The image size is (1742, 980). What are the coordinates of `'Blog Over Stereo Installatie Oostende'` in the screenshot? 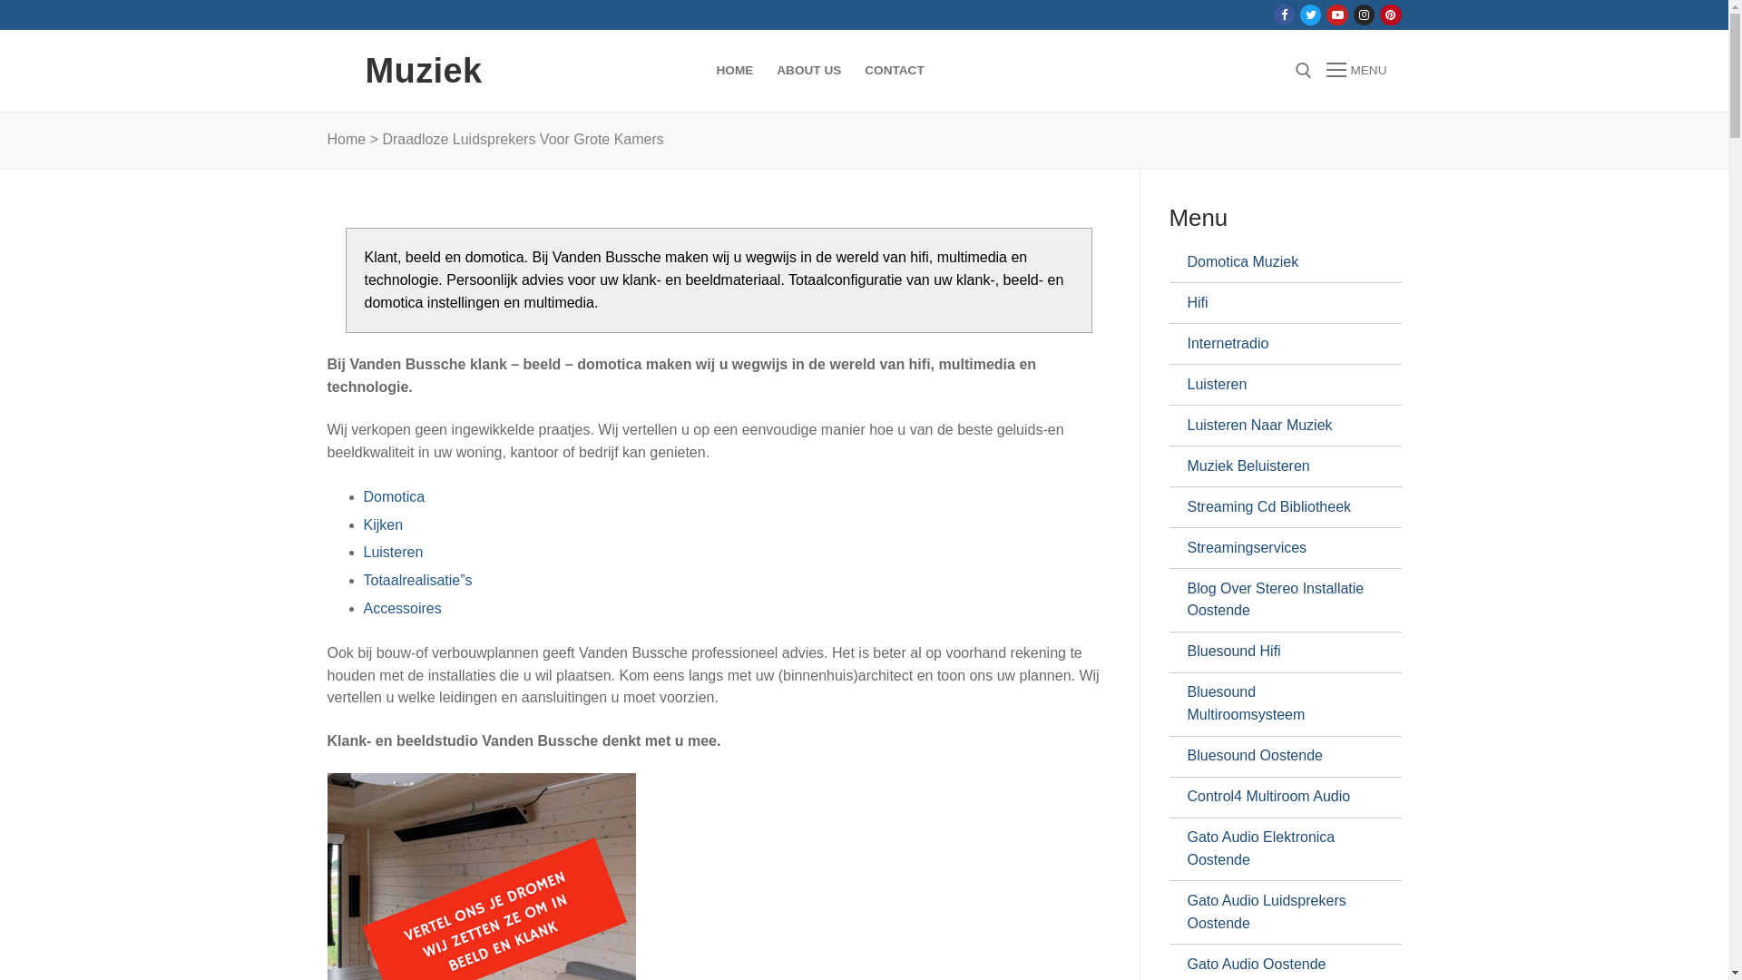 It's located at (1276, 600).